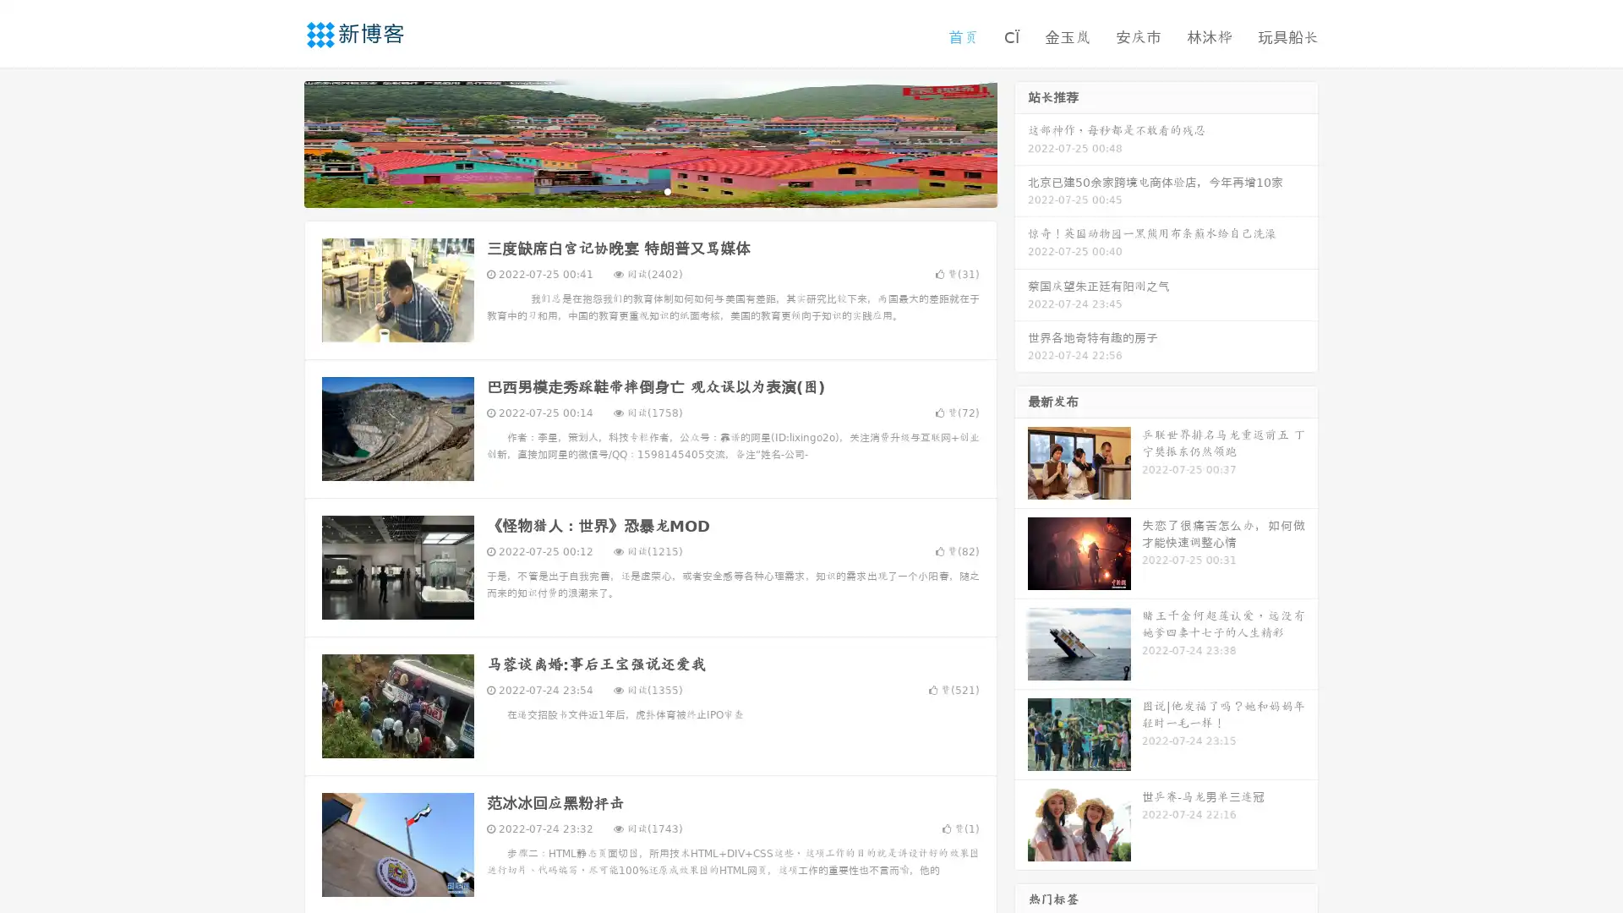 The height and width of the screenshot is (913, 1623). What do you see at coordinates (632, 190) in the screenshot?
I see `Go to slide 1` at bounding box center [632, 190].